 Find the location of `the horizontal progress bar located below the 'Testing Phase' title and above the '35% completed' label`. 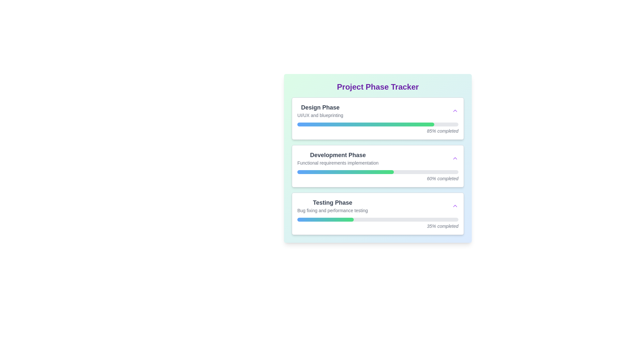

the horizontal progress bar located below the 'Testing Phase' title and above the '35% completed' label is located at coordinates (378, 220).